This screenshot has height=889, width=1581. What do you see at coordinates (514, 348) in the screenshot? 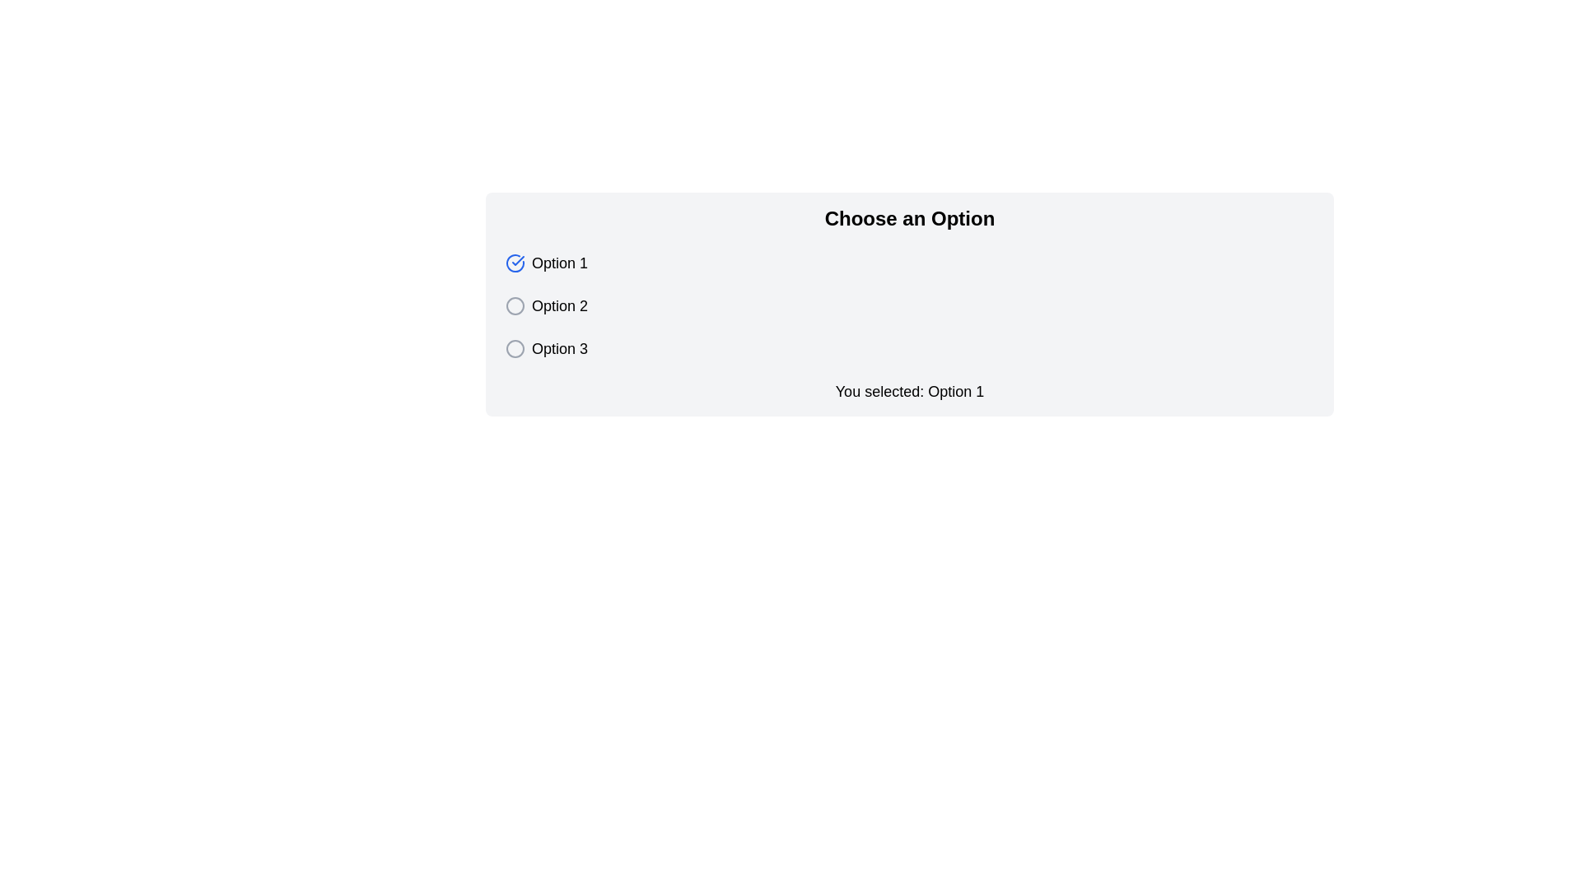
I see `the circular center of the unselected radio button for 'Option 3'` at bounding box center [514, 348].